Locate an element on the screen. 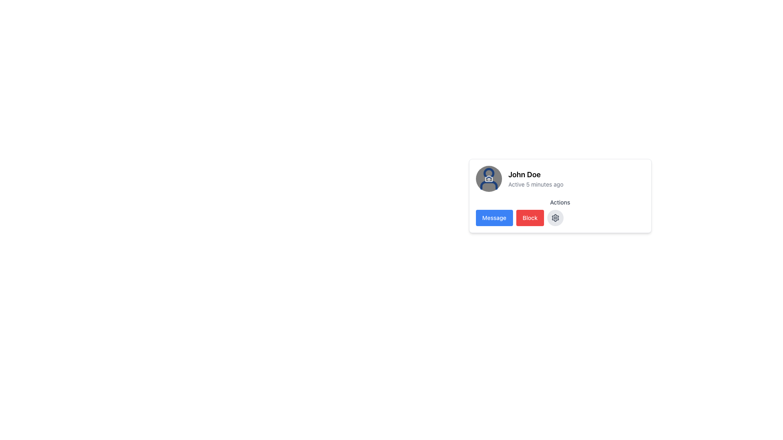  the keyboard interaction on the settings icon button located in the bottom-right corner of the user card component is located at coordinates (555, 218).